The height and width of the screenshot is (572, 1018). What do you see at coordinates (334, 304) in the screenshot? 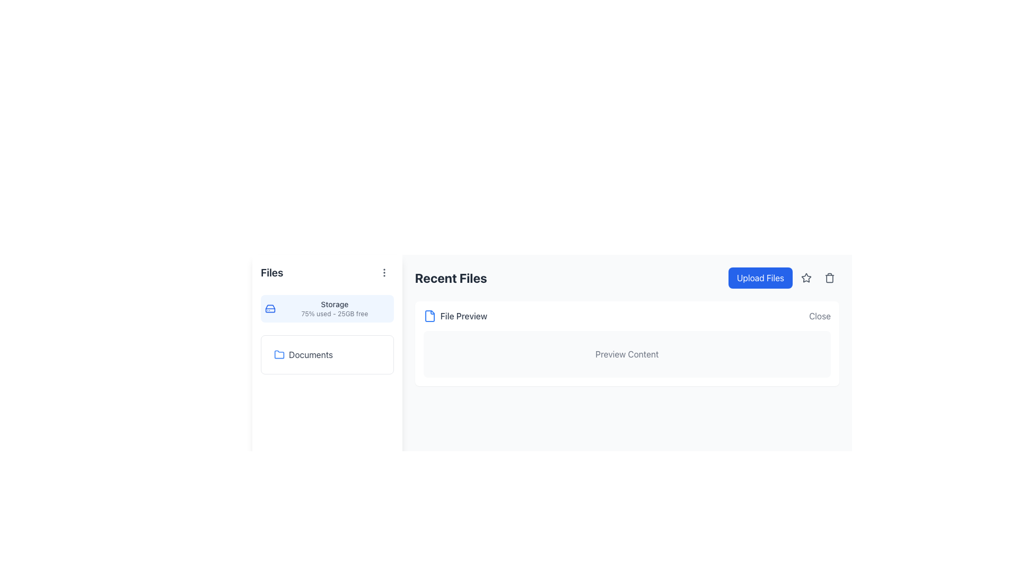
I see `the 'Storage' text label which is styled with a smaller, medium-weight gray font, located within the 'Files' panel above the text '75% used - 25GB free'` at bounding box center [334, 304].